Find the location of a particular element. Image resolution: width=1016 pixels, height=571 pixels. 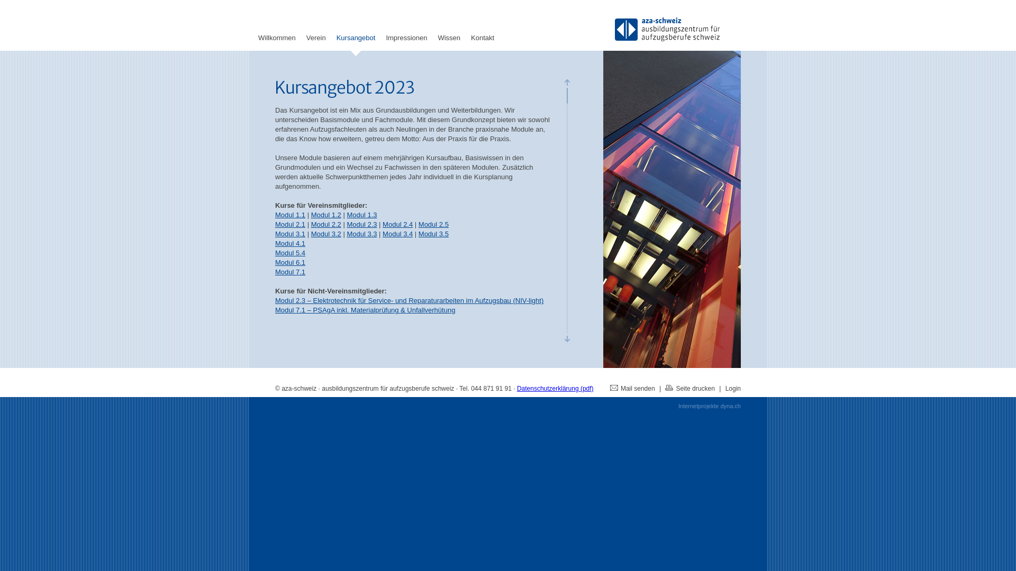

'Verein' is located at coordinates (315, 47).